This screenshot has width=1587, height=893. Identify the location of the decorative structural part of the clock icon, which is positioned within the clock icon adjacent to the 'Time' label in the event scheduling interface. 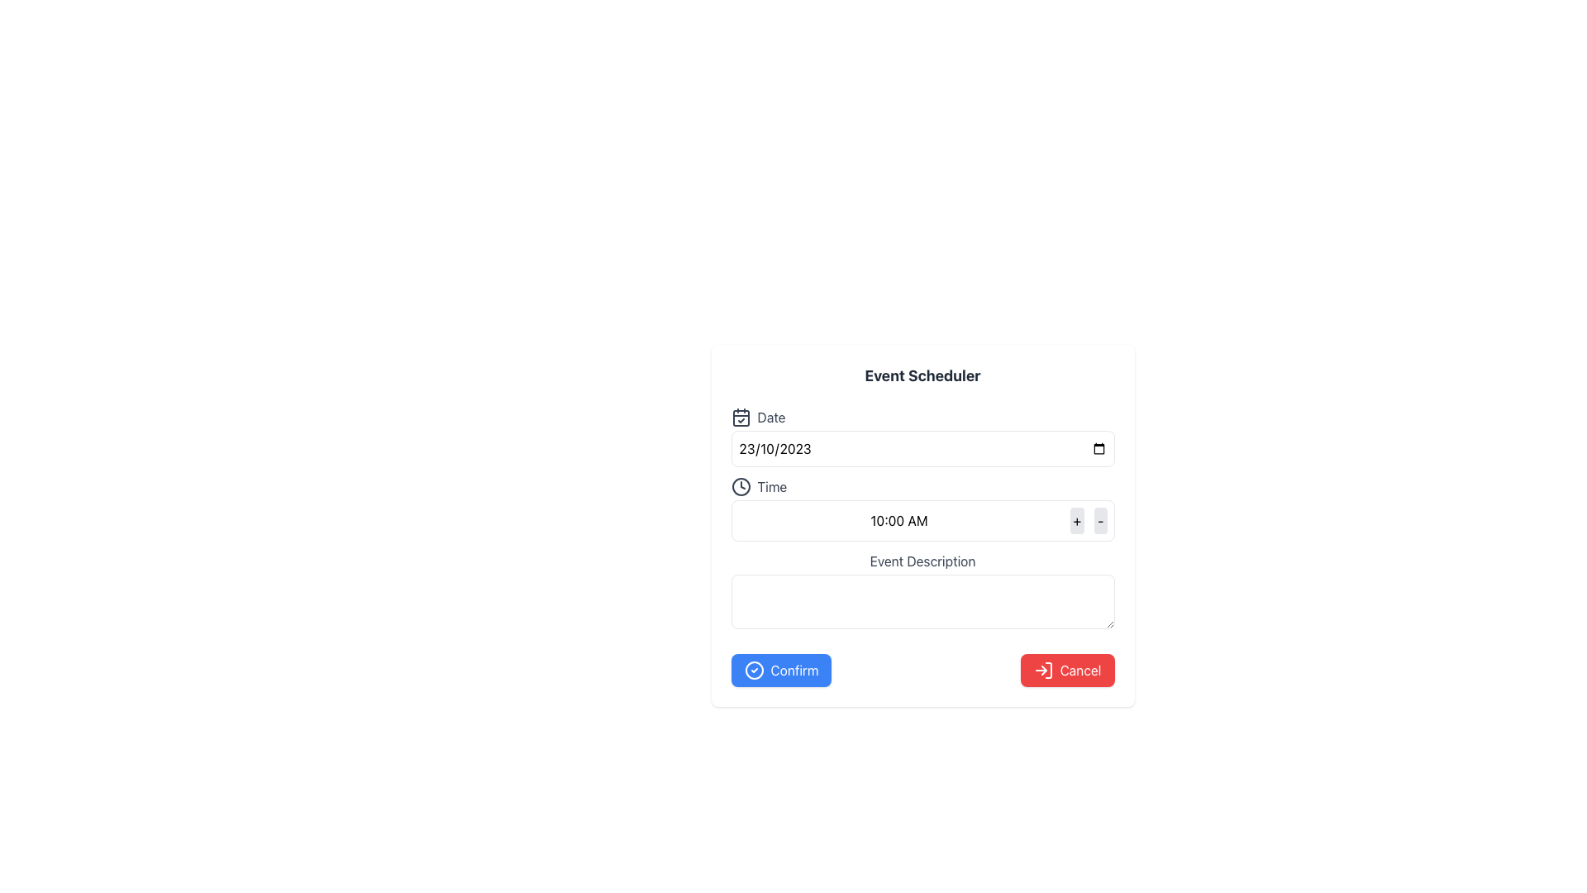
(740, 486).